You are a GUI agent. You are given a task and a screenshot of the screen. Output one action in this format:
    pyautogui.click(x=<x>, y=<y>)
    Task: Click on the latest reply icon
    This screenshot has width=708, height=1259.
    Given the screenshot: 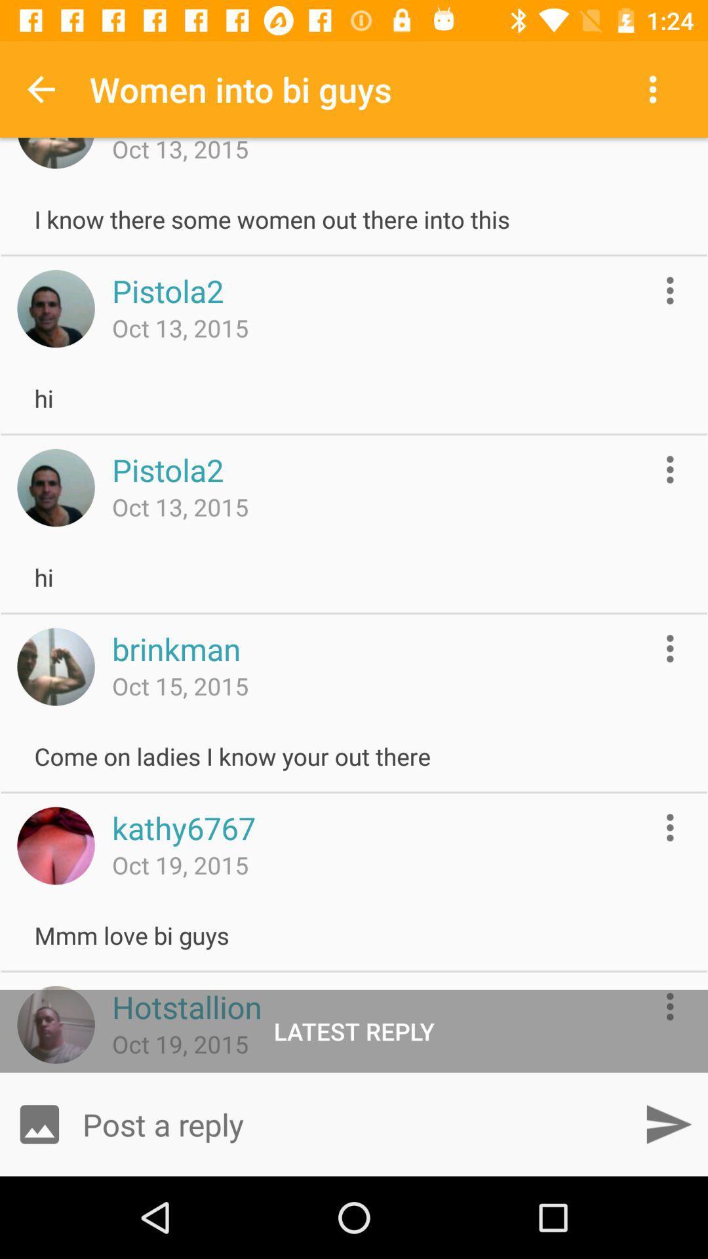 What is the action you would take?
    pyautogui.click(x=354, y=1030)
    